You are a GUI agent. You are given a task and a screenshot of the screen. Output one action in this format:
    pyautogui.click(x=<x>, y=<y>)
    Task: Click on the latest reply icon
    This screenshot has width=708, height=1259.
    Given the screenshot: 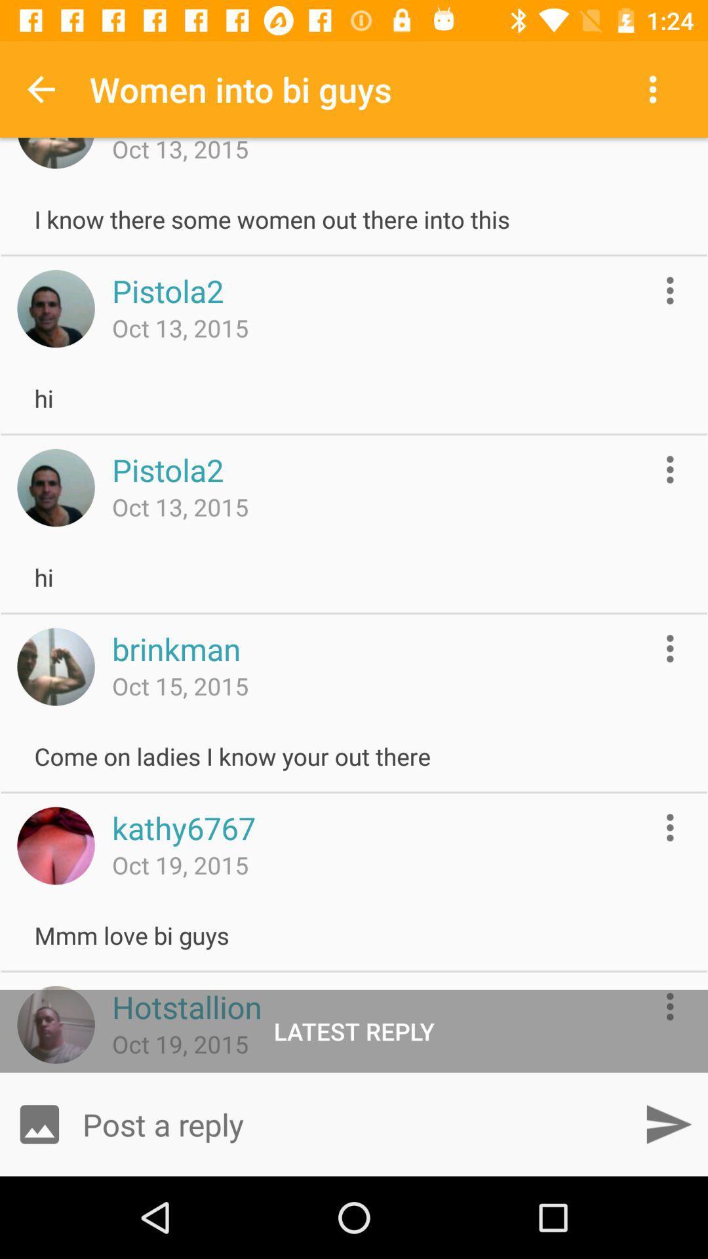 What is the action you would take?
    pyautogui.click(x=354, y=1030)
    